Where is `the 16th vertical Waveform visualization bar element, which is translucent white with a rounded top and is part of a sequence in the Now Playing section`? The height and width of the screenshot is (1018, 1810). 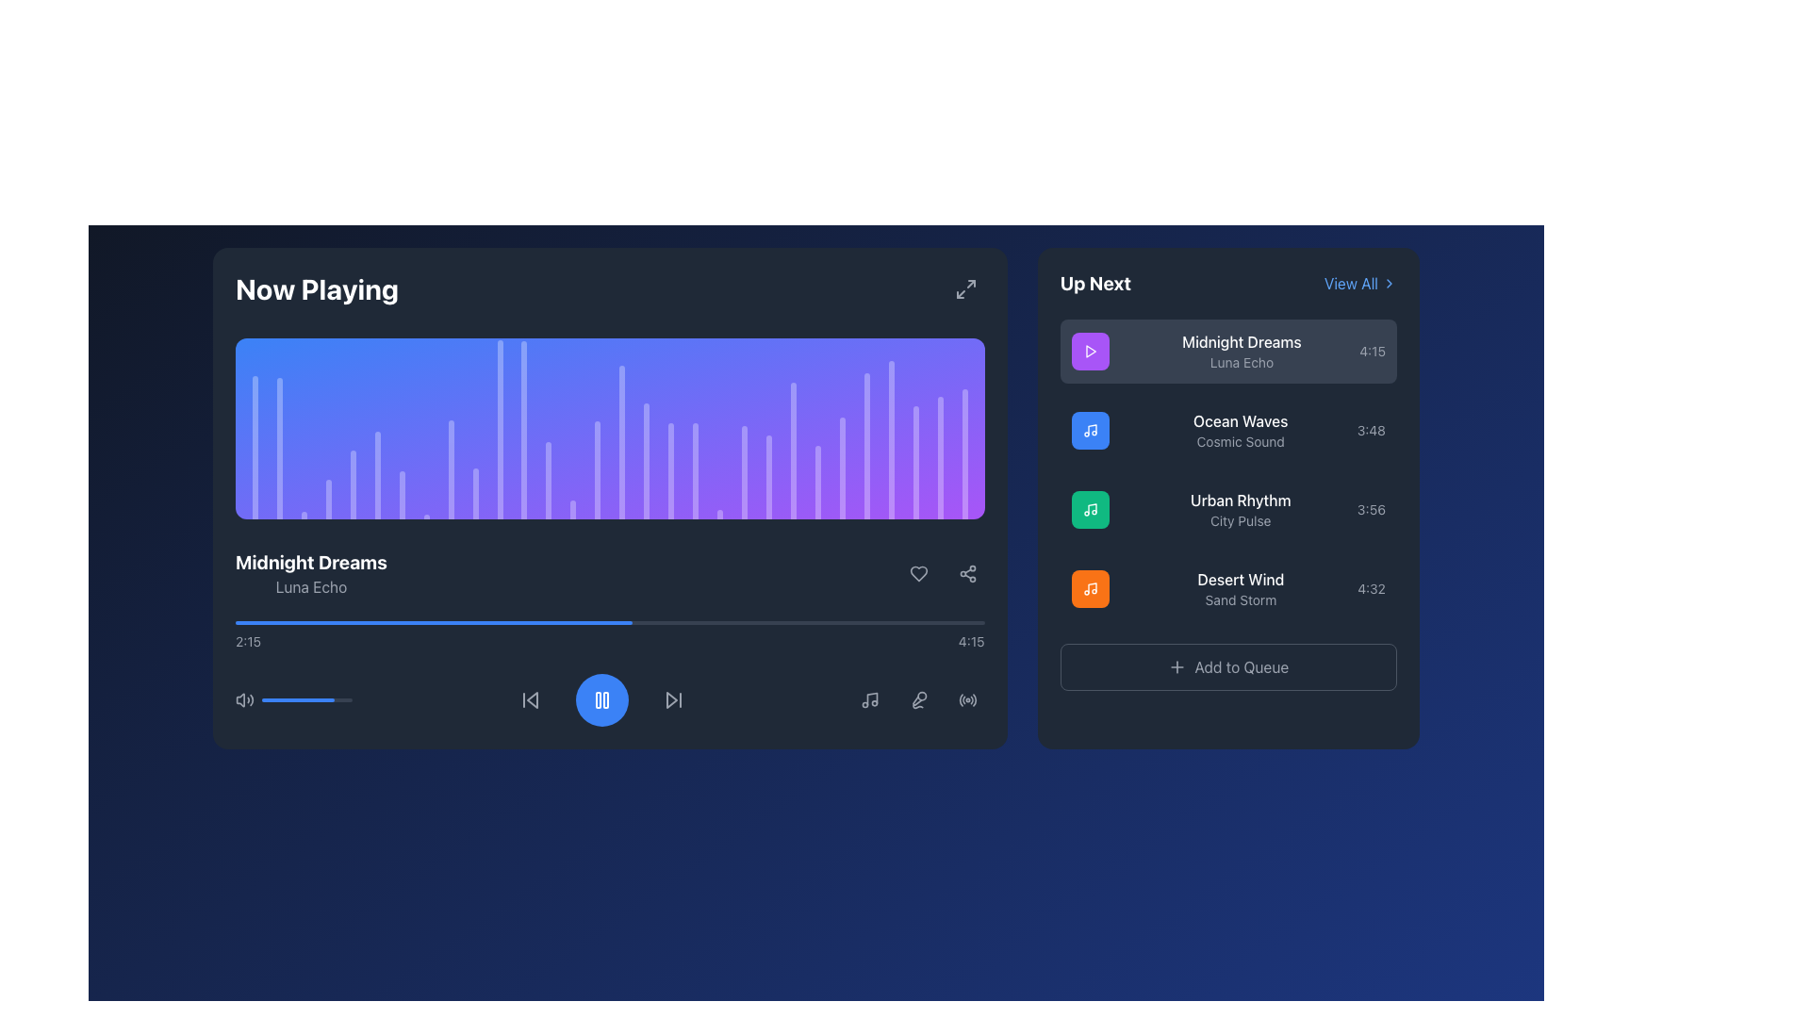
the 16th vertical Waveform visualization bar element, which is translucent white with a rounded top and is part of a sequence in the Now Playing section is located at coordinates (622, 442).